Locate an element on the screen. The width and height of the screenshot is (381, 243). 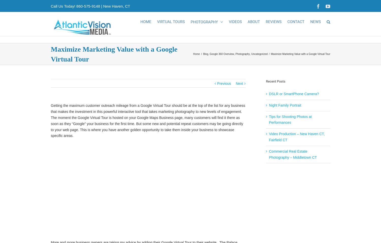
'Tips for Shooting Photos at Performances' is located at coordinates (290, 125).